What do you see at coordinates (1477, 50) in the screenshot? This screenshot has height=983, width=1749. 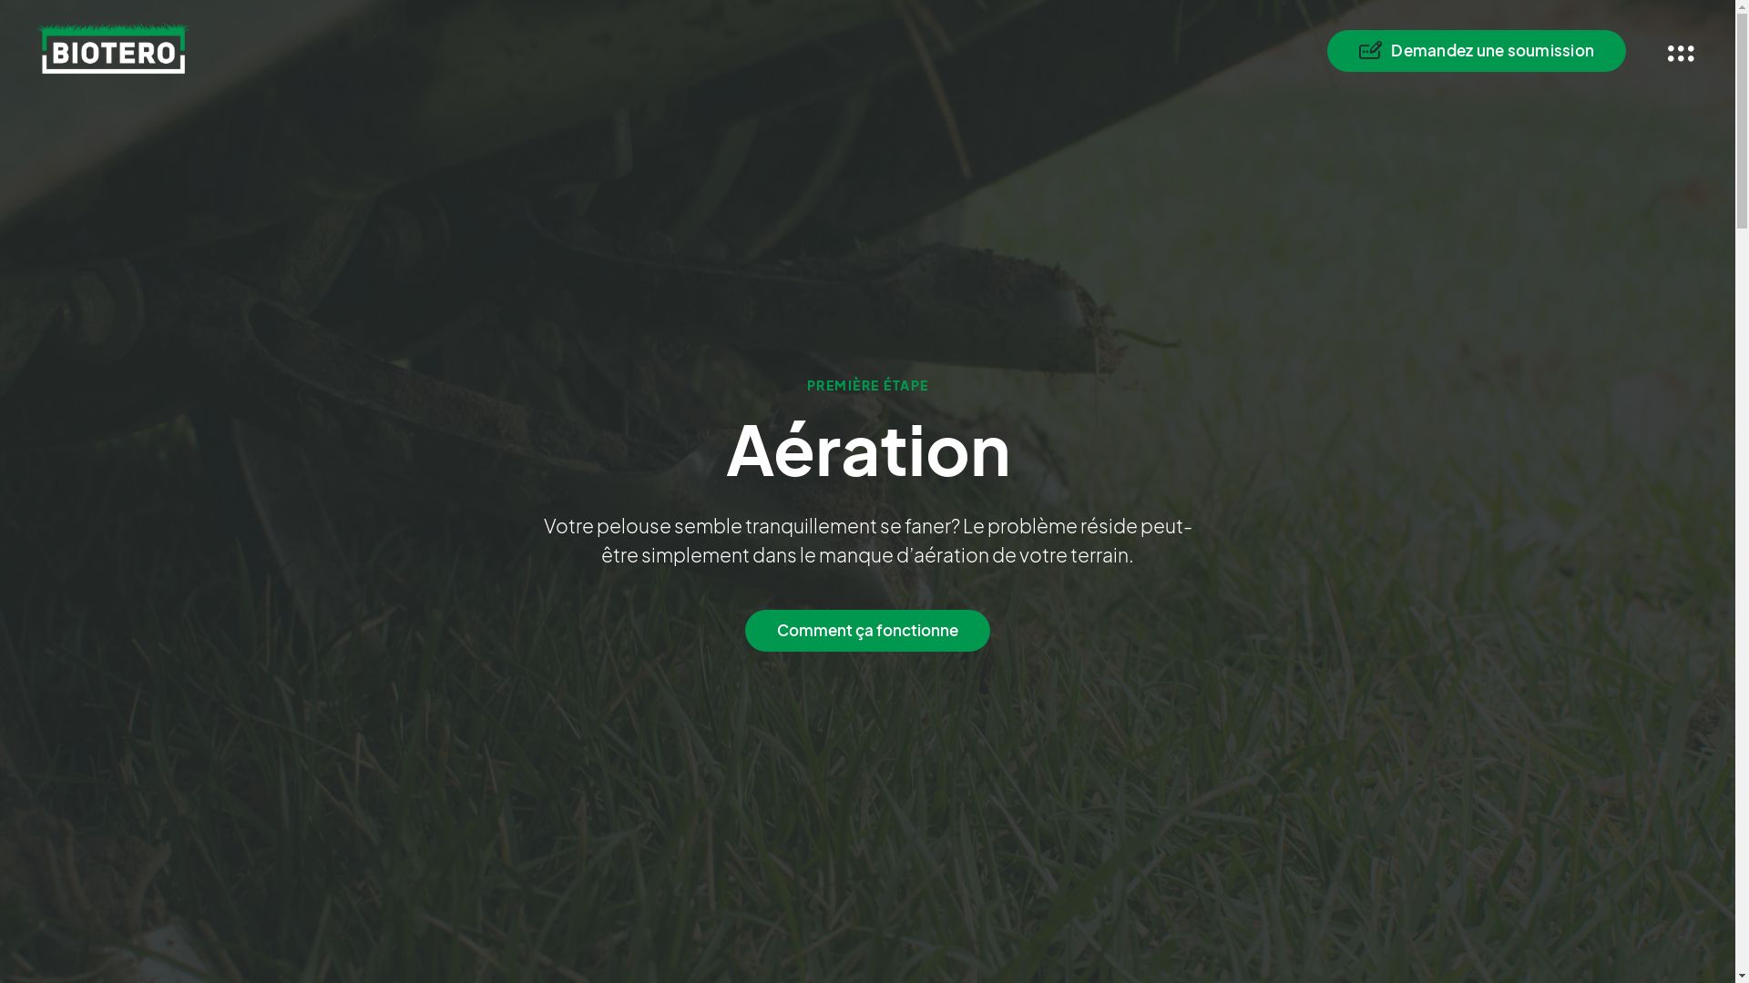 I see `'Demandez une soumission'` at bounding box center [1477, 50].